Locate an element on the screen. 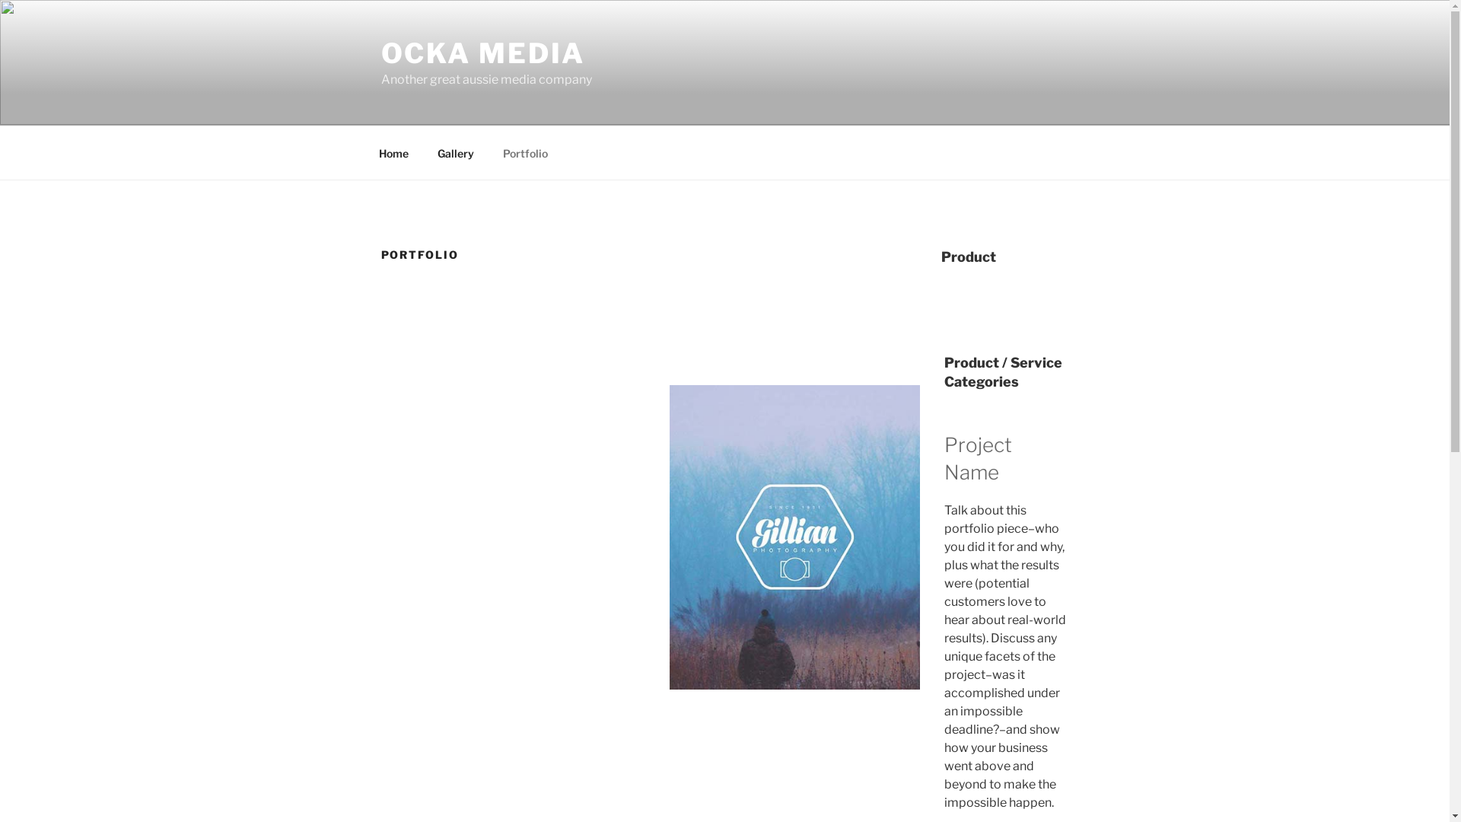 This screenshot has width=1461, height=822. 'OCKA MEDIA' is located at coordinates (482, 52).